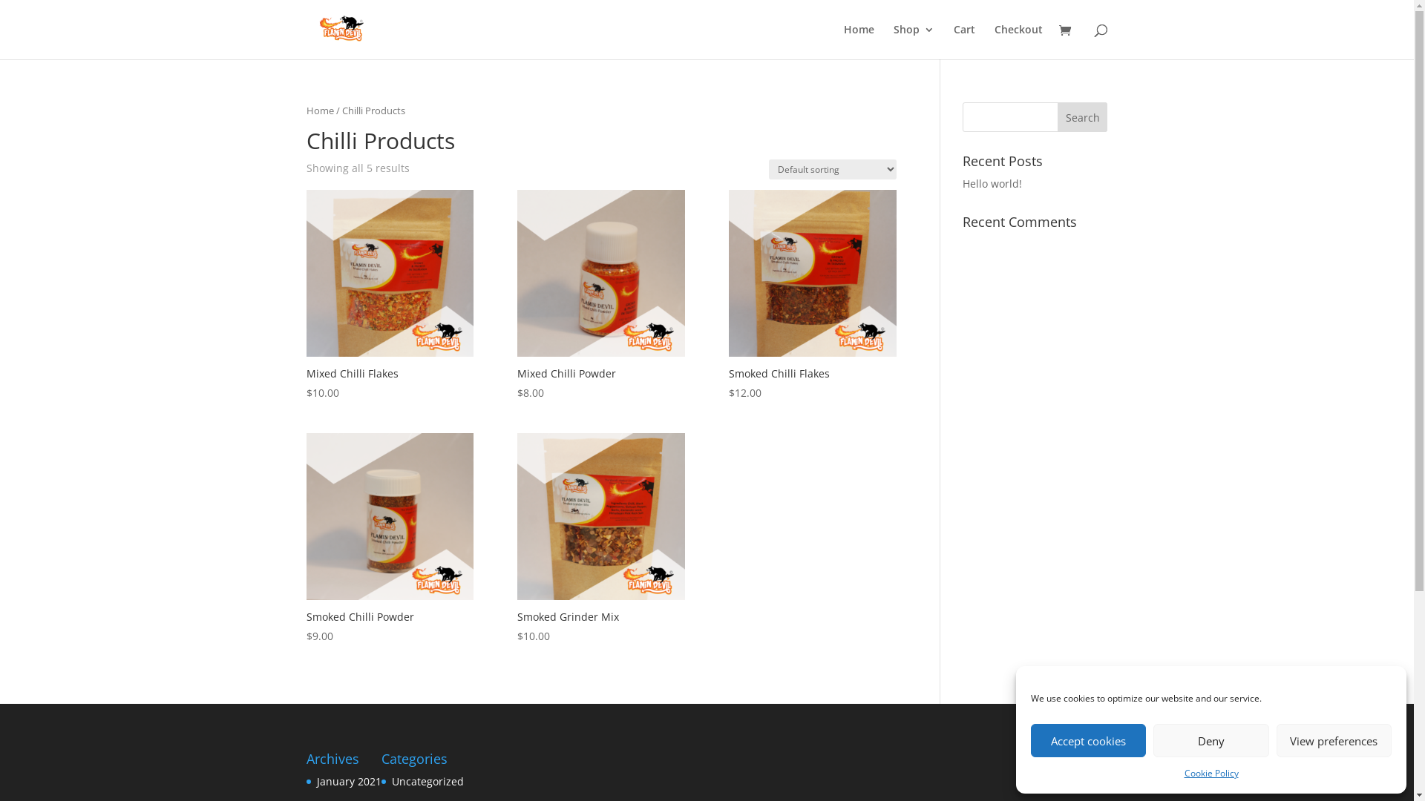  I want to click on 'Deny', so click(1211, 740).